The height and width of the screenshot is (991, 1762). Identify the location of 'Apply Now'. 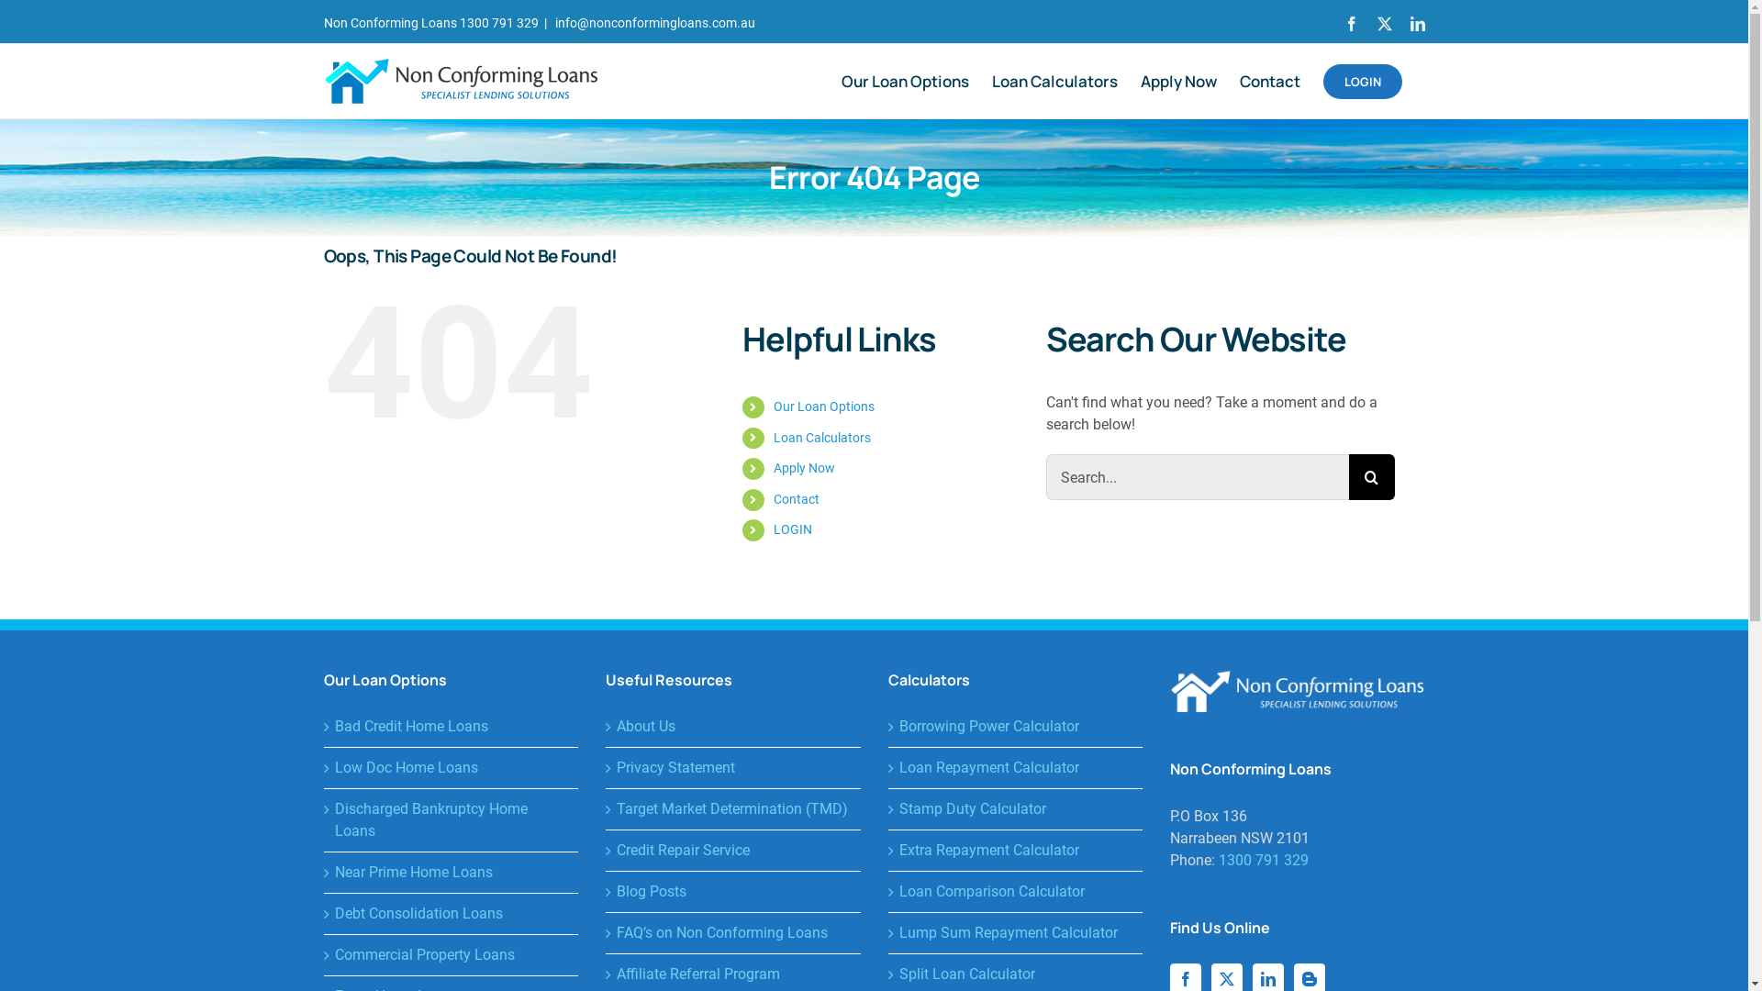
(804, 466).